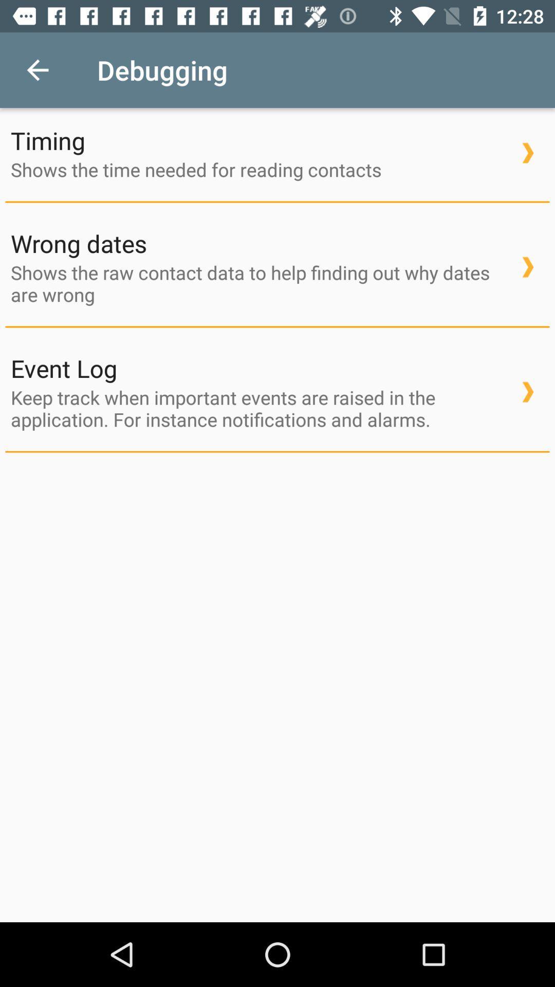  What do you see at coordinates (37, 69) in the screenshot?
I see `the item above timing item` at bounding box center [37, 69].